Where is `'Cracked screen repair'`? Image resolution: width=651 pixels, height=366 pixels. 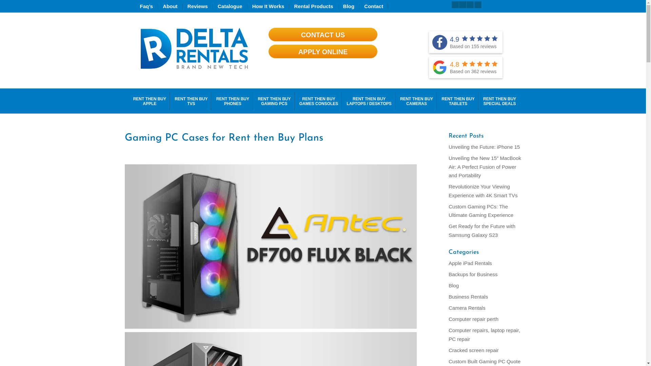
'Cracked screen repair' is located at coordinates (473, 350).